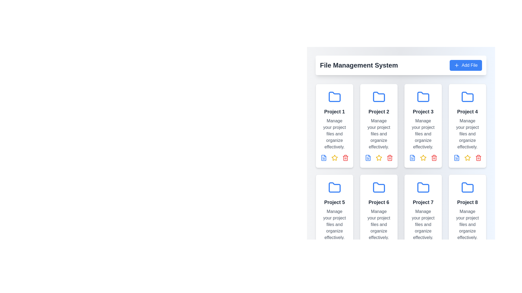  What do you see at coordinates (359, 65) in the screenshot?
I see `the static text that serves as a title for the application section, located to the left of the blue 'Add File' button` at bounding box center [359, 65].